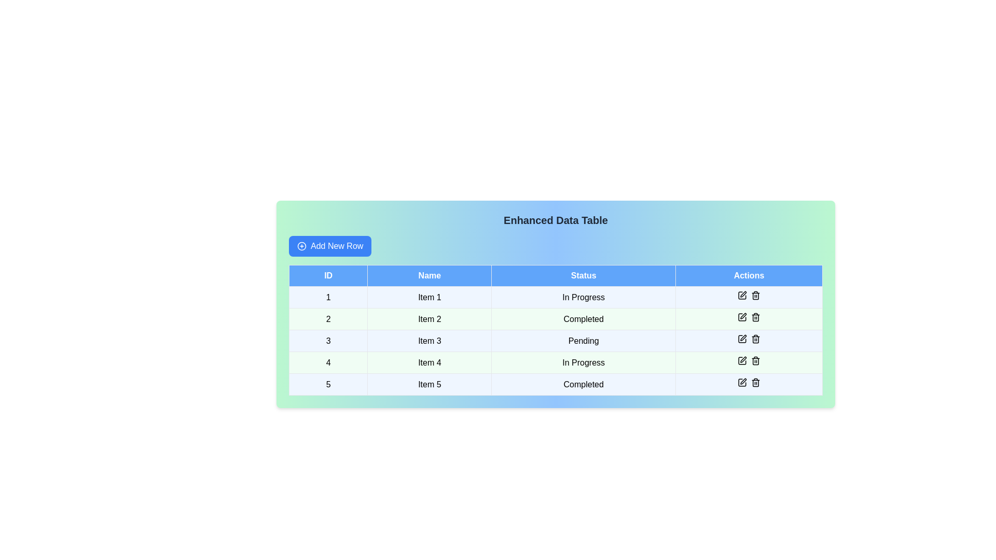 Image resolution: width=996 pixels, height=560 pixels. What do you see at coordinates (741, 360) in the screenshot?
I see `the editing action icon resembling a pen located in the 'Actions' column of the fourth row of the data table` at bounding box center [741, 360].